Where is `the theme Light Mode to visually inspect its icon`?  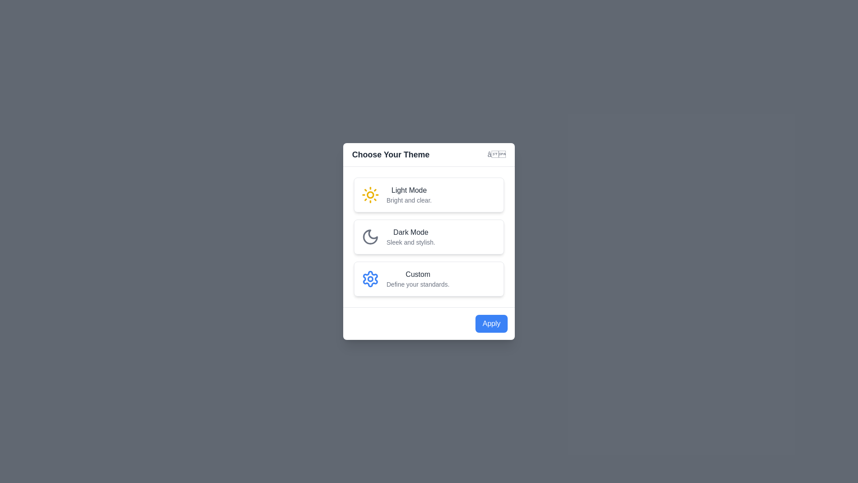 the theme Light Mode to visually inspect its icon is located at coordinates (429, 194).